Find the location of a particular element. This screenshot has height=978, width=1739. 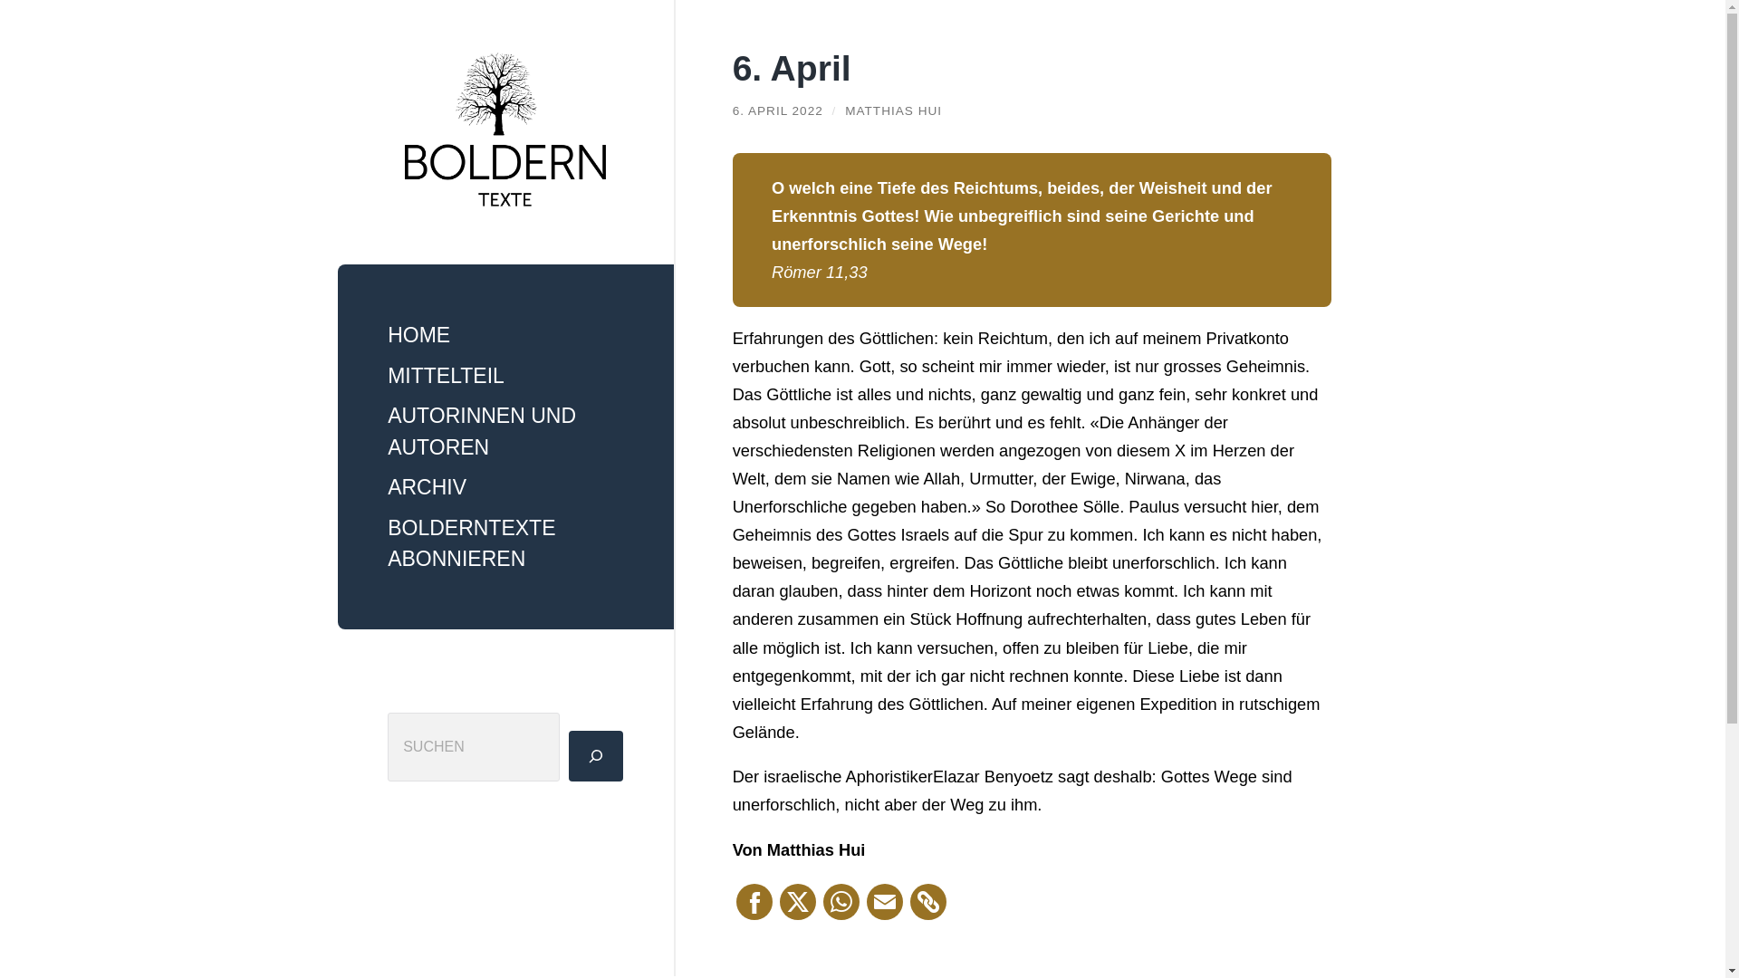

'Email This' is located at coordinates (885, 901).